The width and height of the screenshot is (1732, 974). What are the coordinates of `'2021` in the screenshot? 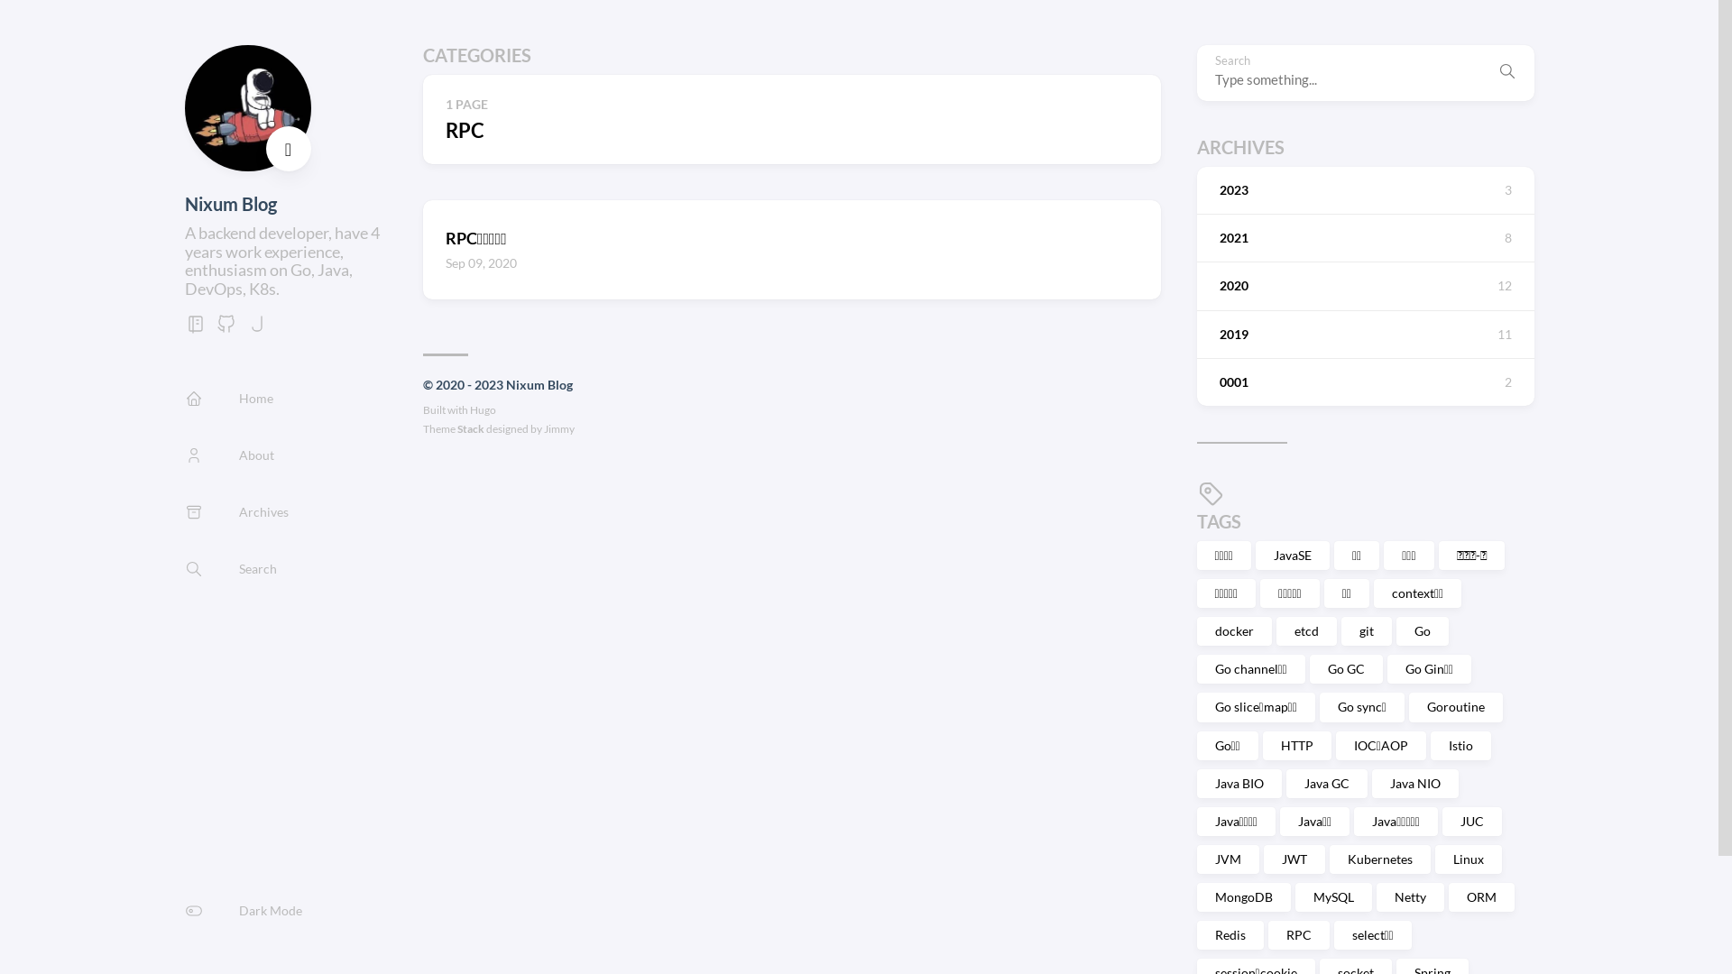 It's located at (1364, 236).